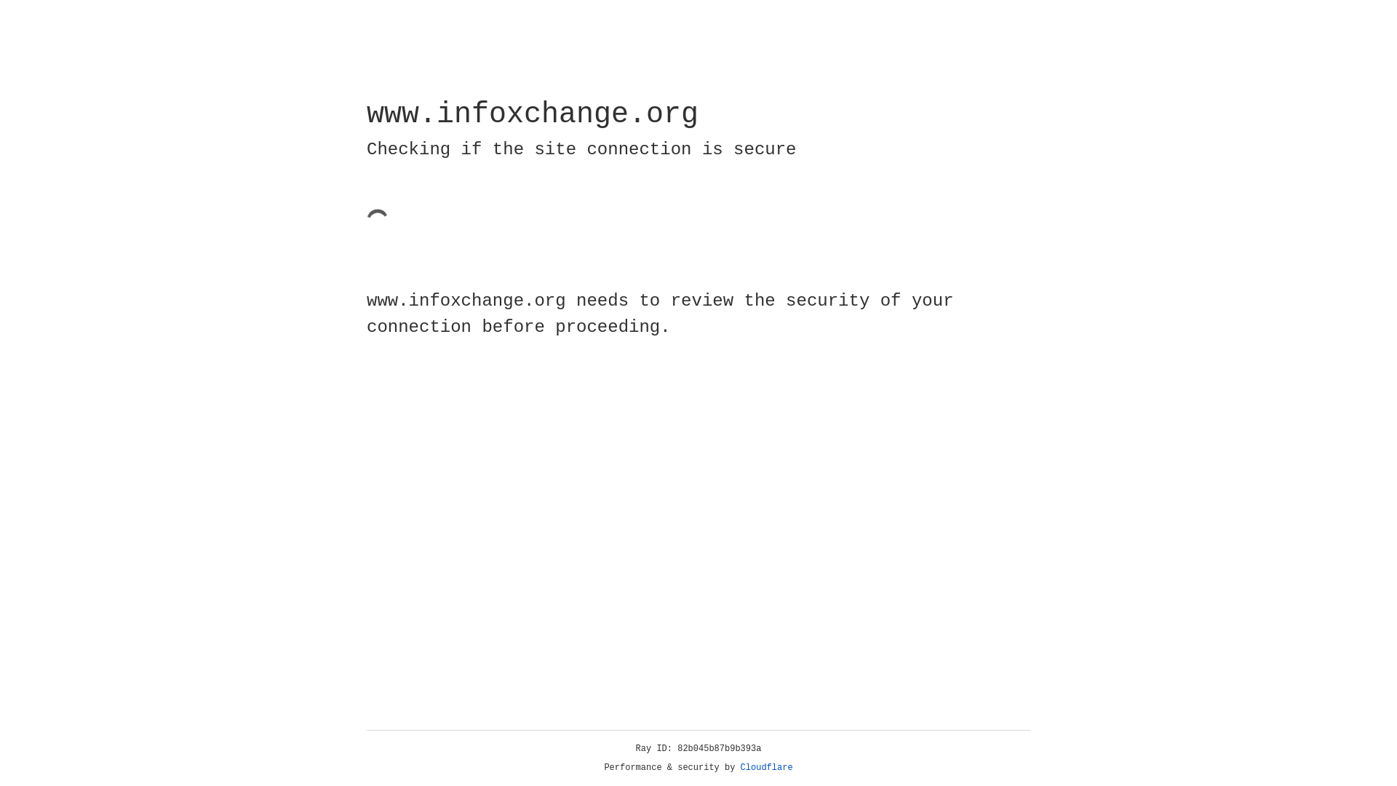  I want to click on 'Cloudflare', so click(766, 767).